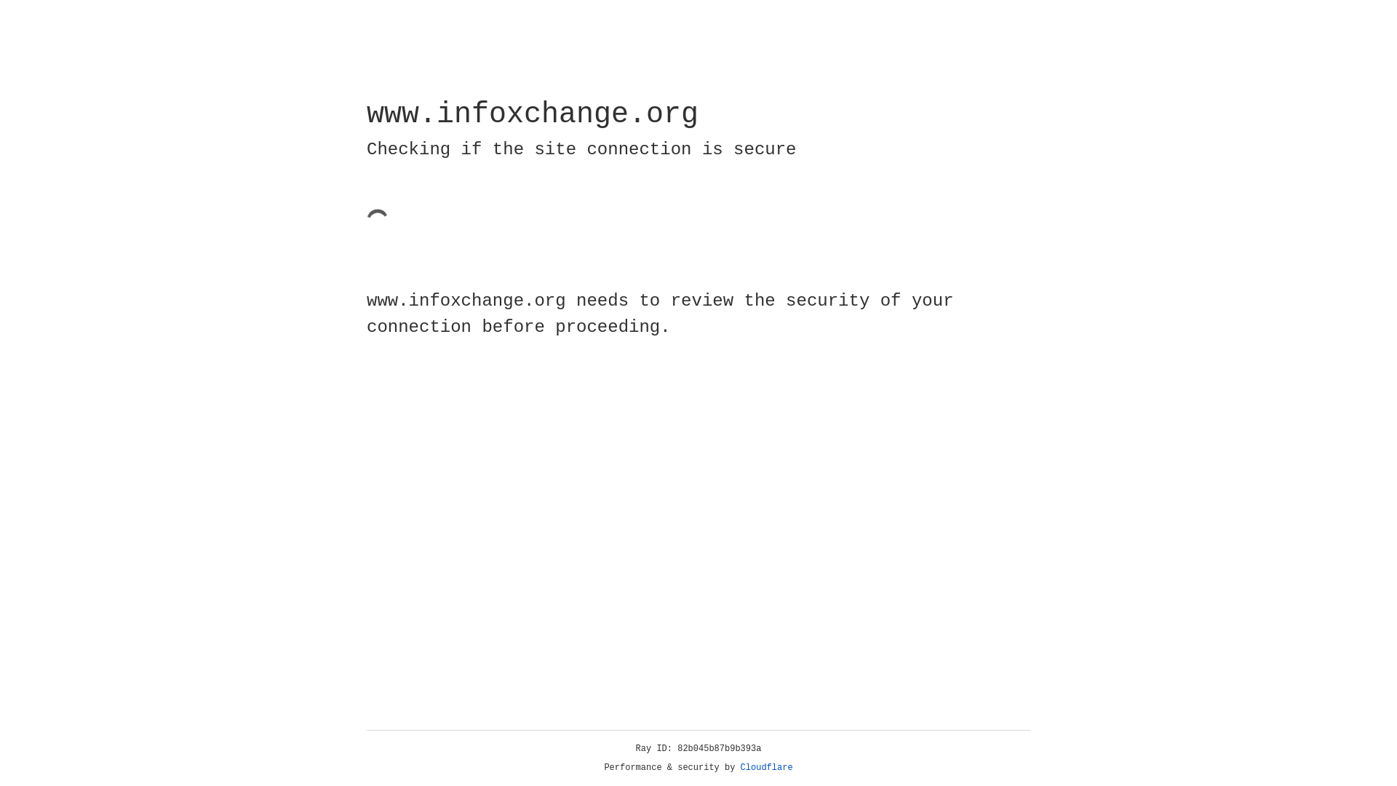  I want to click on 'Cloudflare', so click(766, 767).